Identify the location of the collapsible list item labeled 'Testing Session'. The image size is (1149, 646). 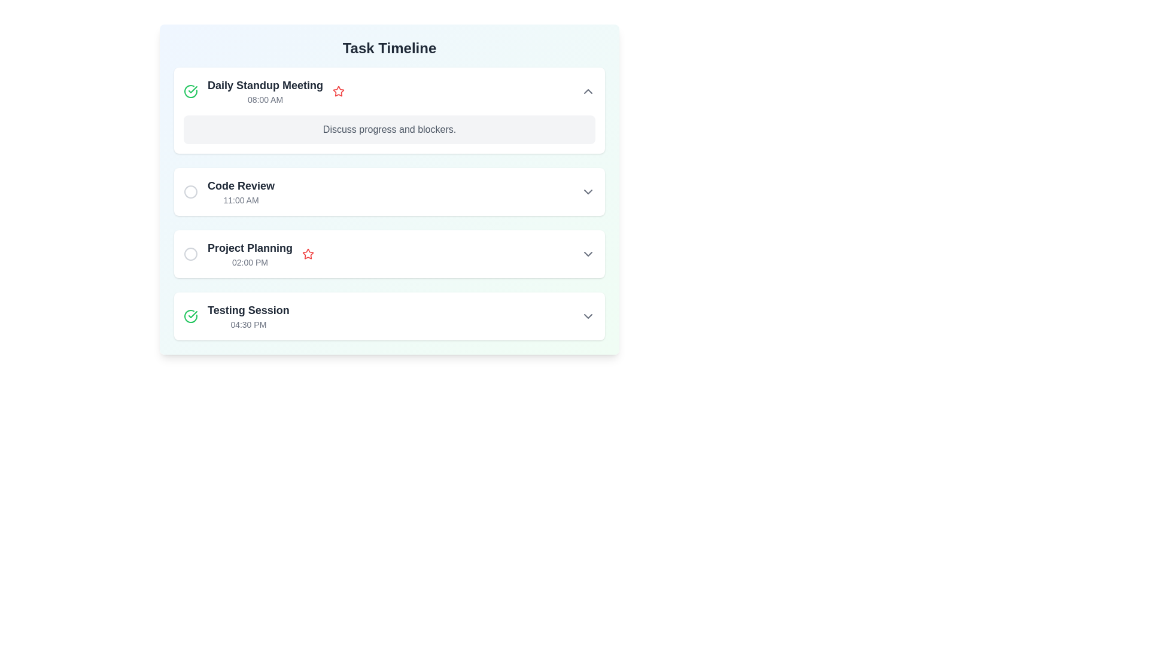
(390, 315).